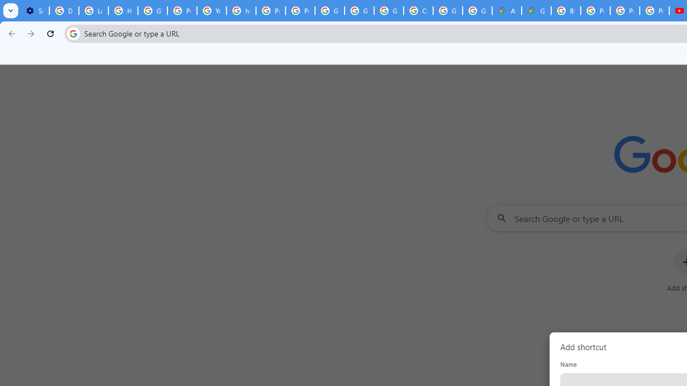  I want to click on 'Privacy Help Center - Policies Help', so click(625, 11).